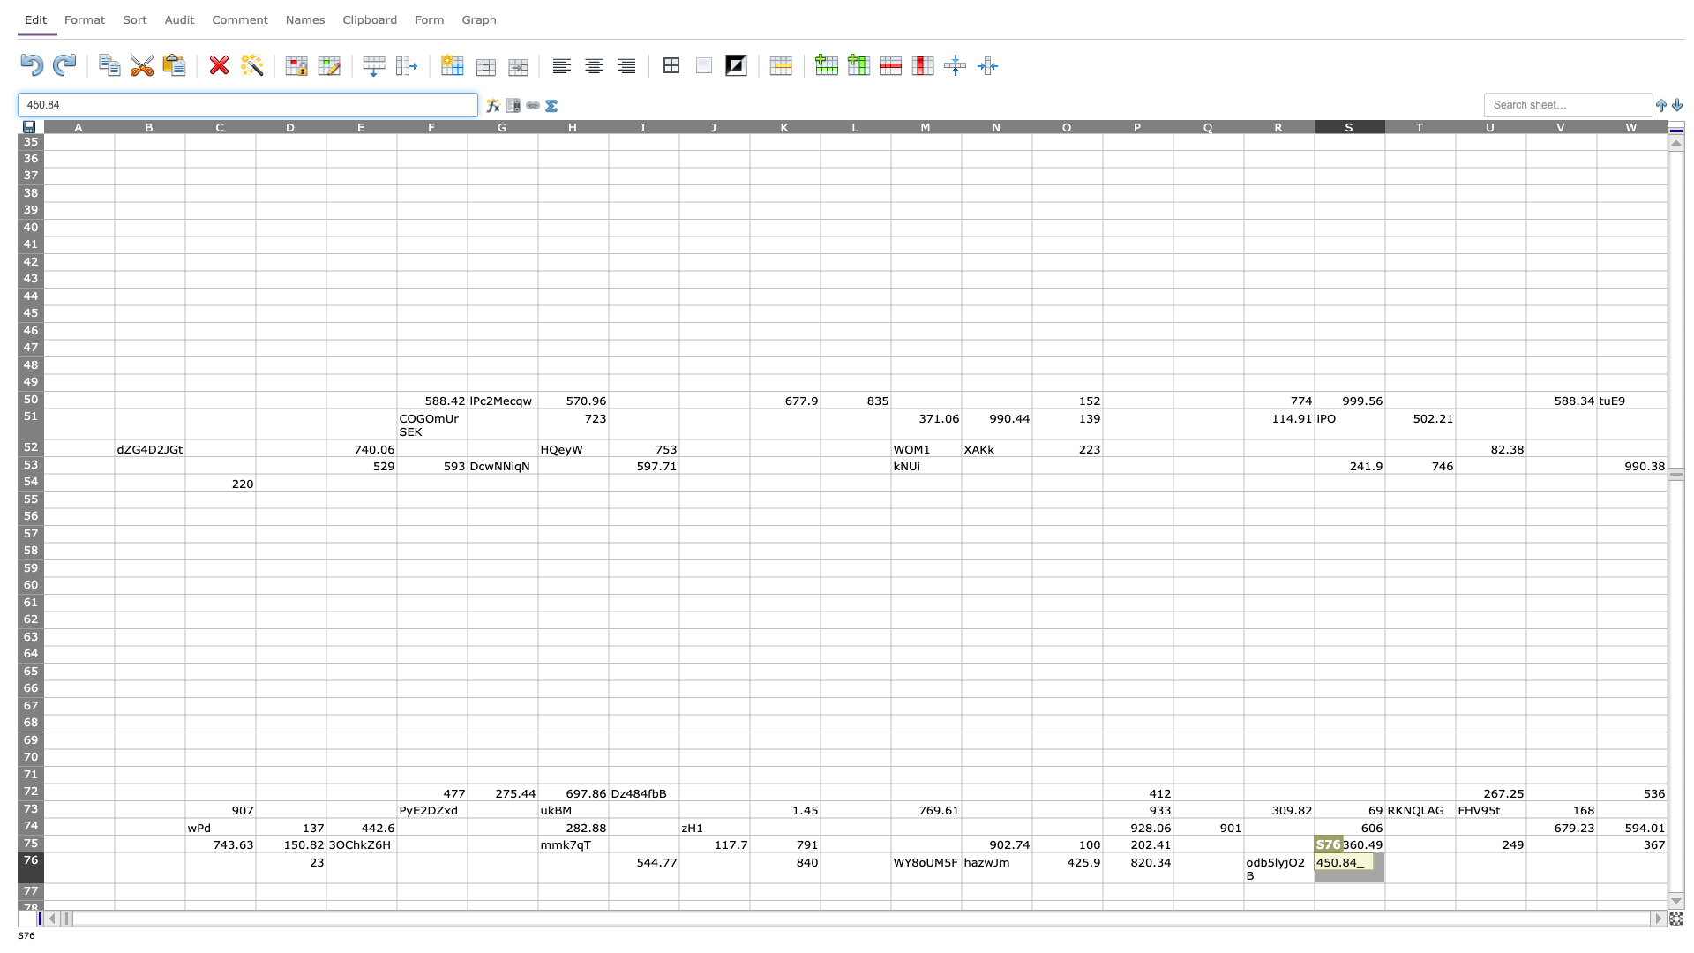 This screenshot has width=1694, height=953. I want to click on top left corner of T76, so click(1383, 851).